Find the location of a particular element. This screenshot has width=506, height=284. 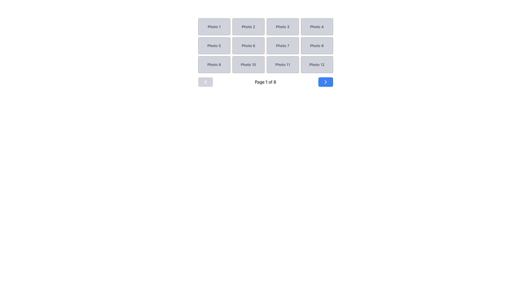

the light gray button labeled 'Photo 10' located in the second position of the third row in a 3x4 grid layout is located at coordinates (248, 64).